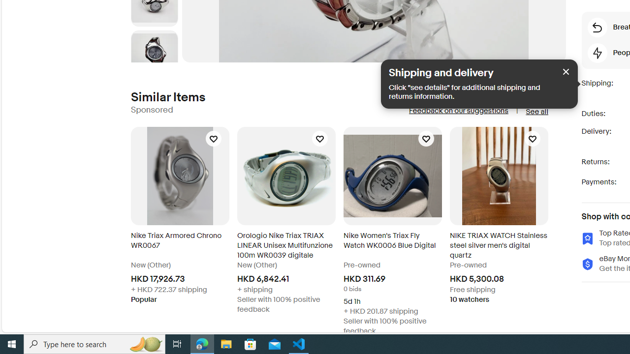  I want to click on 'Close dialog', so click(566, 71).